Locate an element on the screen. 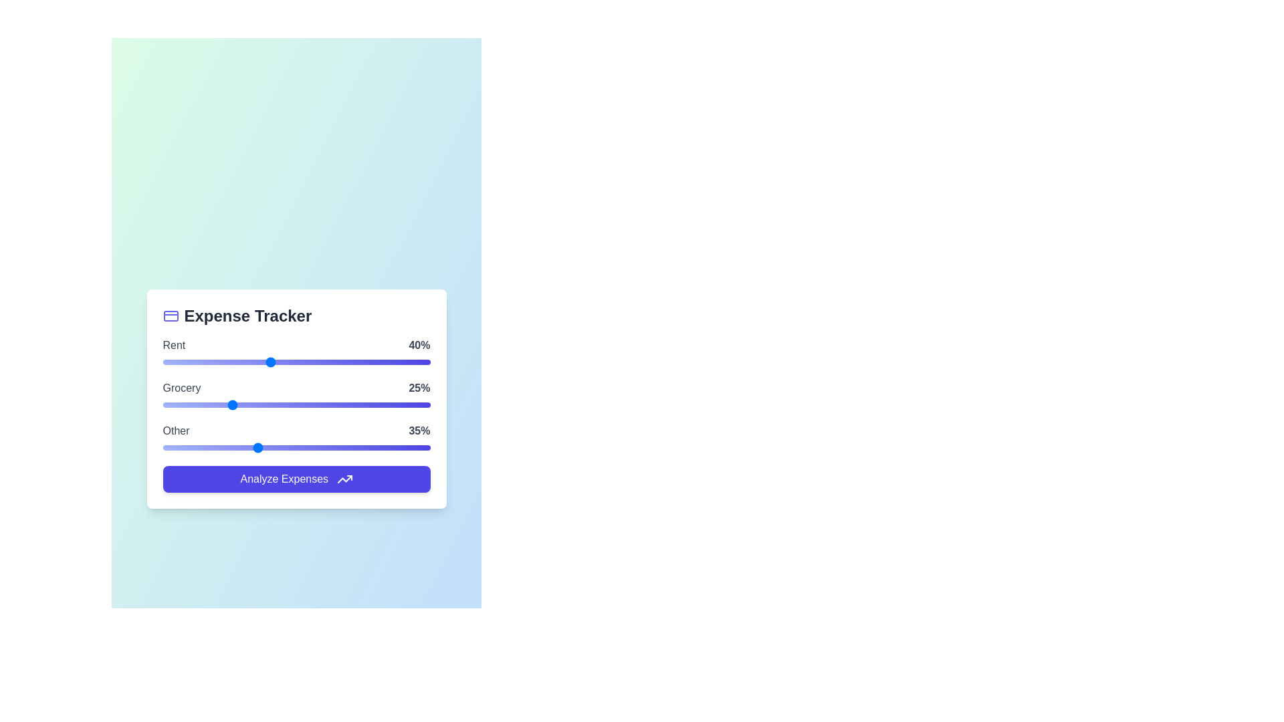  the 'Other' slider to 40% is located at coordinates (269, 447).